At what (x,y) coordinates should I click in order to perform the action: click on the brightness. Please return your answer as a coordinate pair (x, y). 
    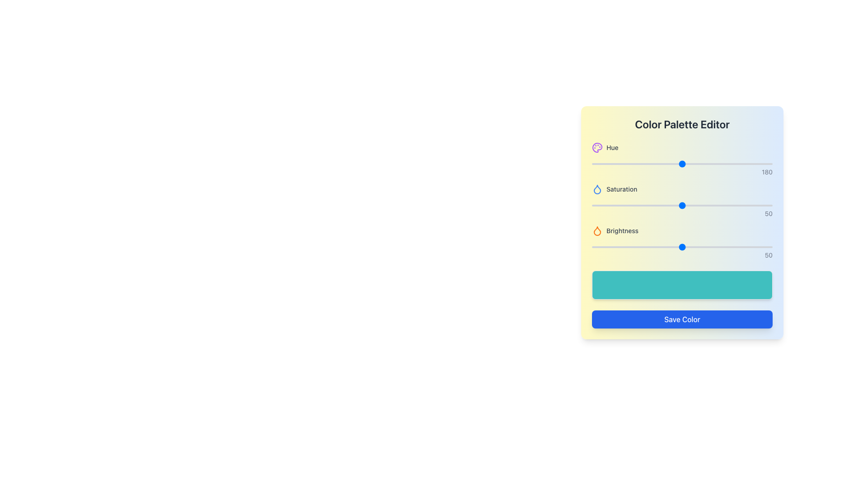
    Looking at the image, I should click on (719, 247).